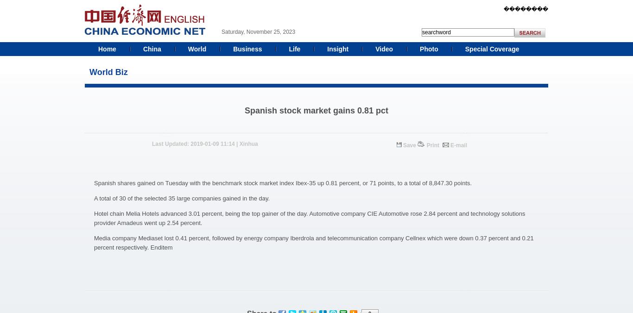 Image resolution: width=633 pixels, height=313 pixels. Describe the element at coordinates (375, 49) in the screenshot. I see `'Video'` at that location.